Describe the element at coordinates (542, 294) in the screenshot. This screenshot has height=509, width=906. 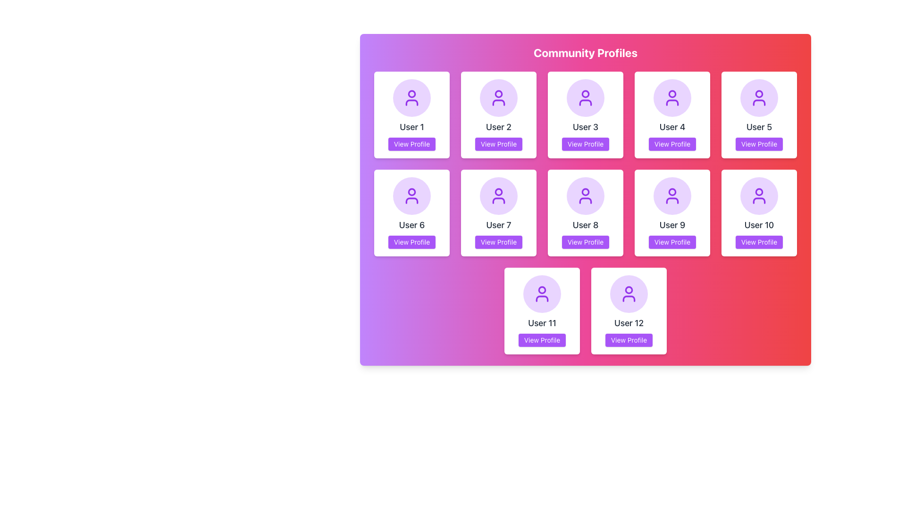
I see `the circular user icon representing the 'User 11' profile, located at the top area of the profile card in the bottom row, second column of the grid layout` at that location.